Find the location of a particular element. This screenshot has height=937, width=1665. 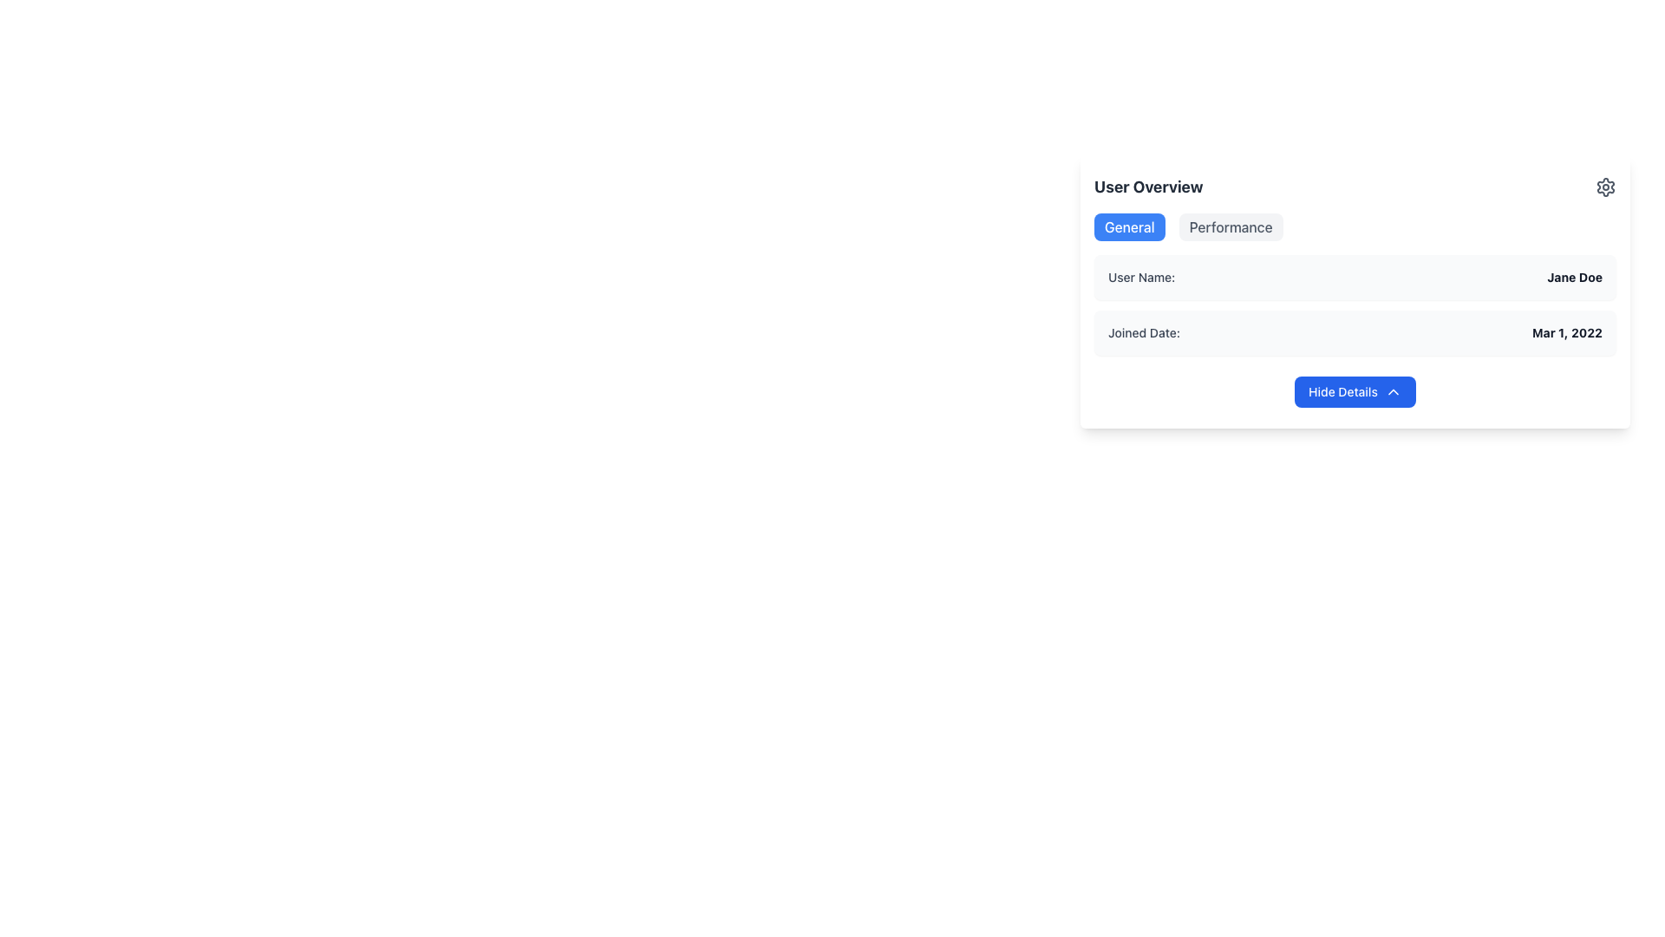

the 'Performance' button, which has a light gray background and gray text is located at coordinates (1230, 226).